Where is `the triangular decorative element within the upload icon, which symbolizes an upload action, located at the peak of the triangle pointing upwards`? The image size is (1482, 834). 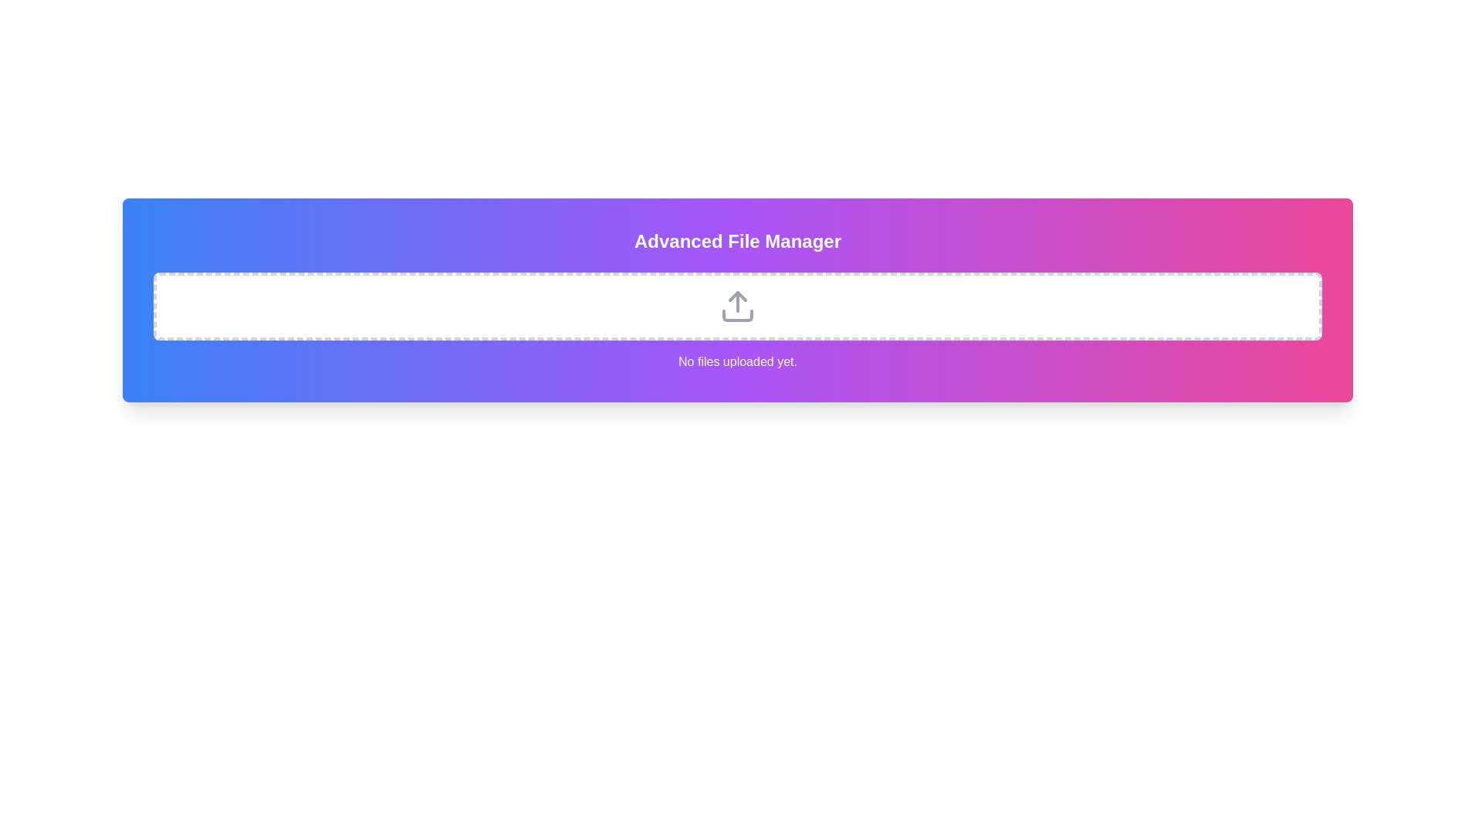 the triangular decorative element within the upload icon, which symbolizes an upload action, located at the peak of the triangle pointing upwards is located at coordinates (736, 297).